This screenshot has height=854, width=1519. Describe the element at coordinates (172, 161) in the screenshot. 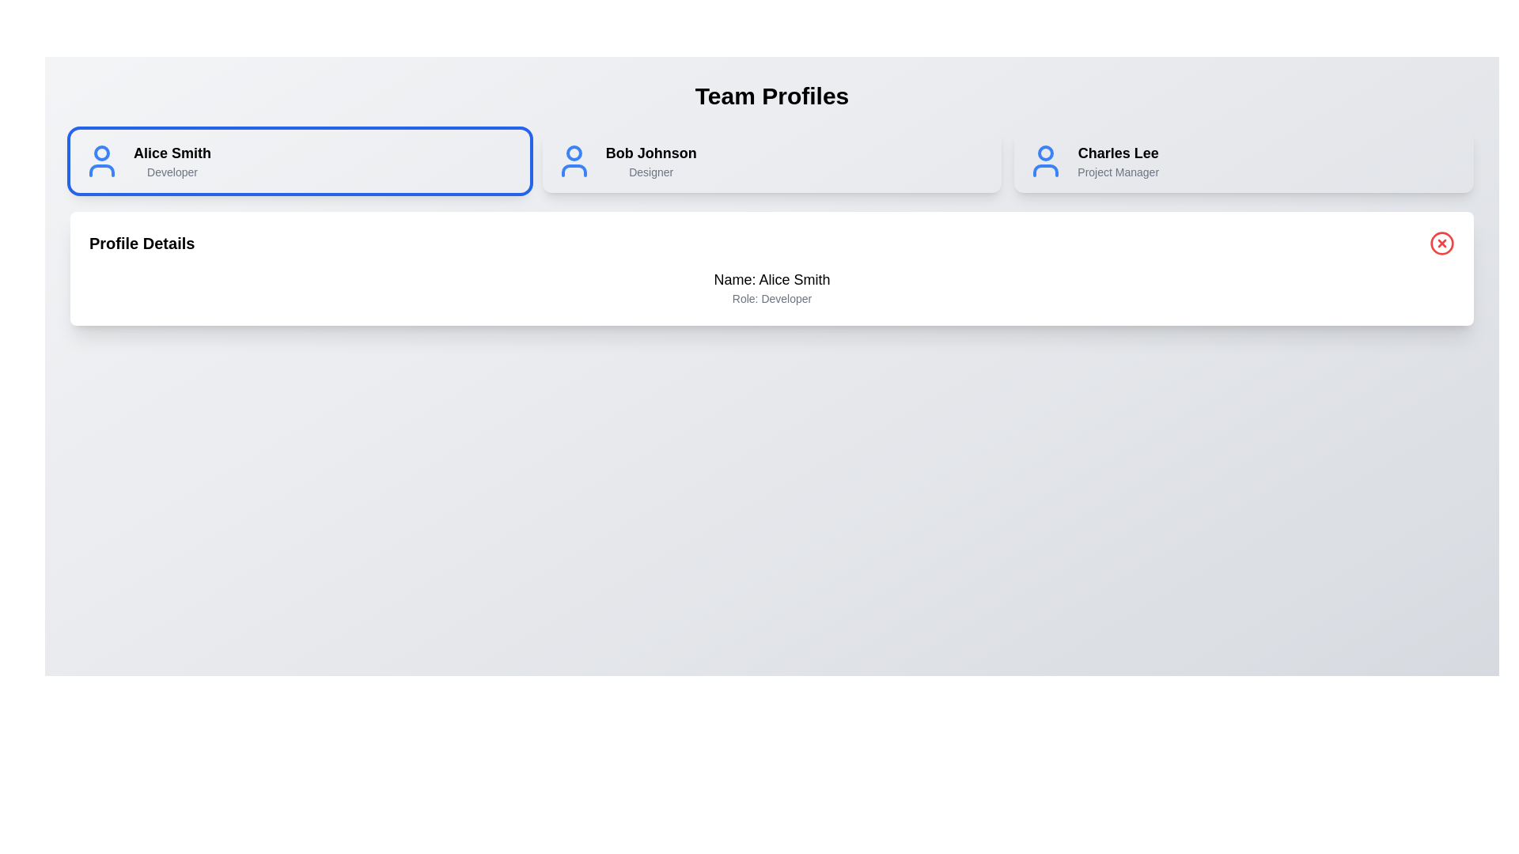

I see `the text block displaying 'Alice Smith' and 'Developer' in the Team Profiles section` at that location.